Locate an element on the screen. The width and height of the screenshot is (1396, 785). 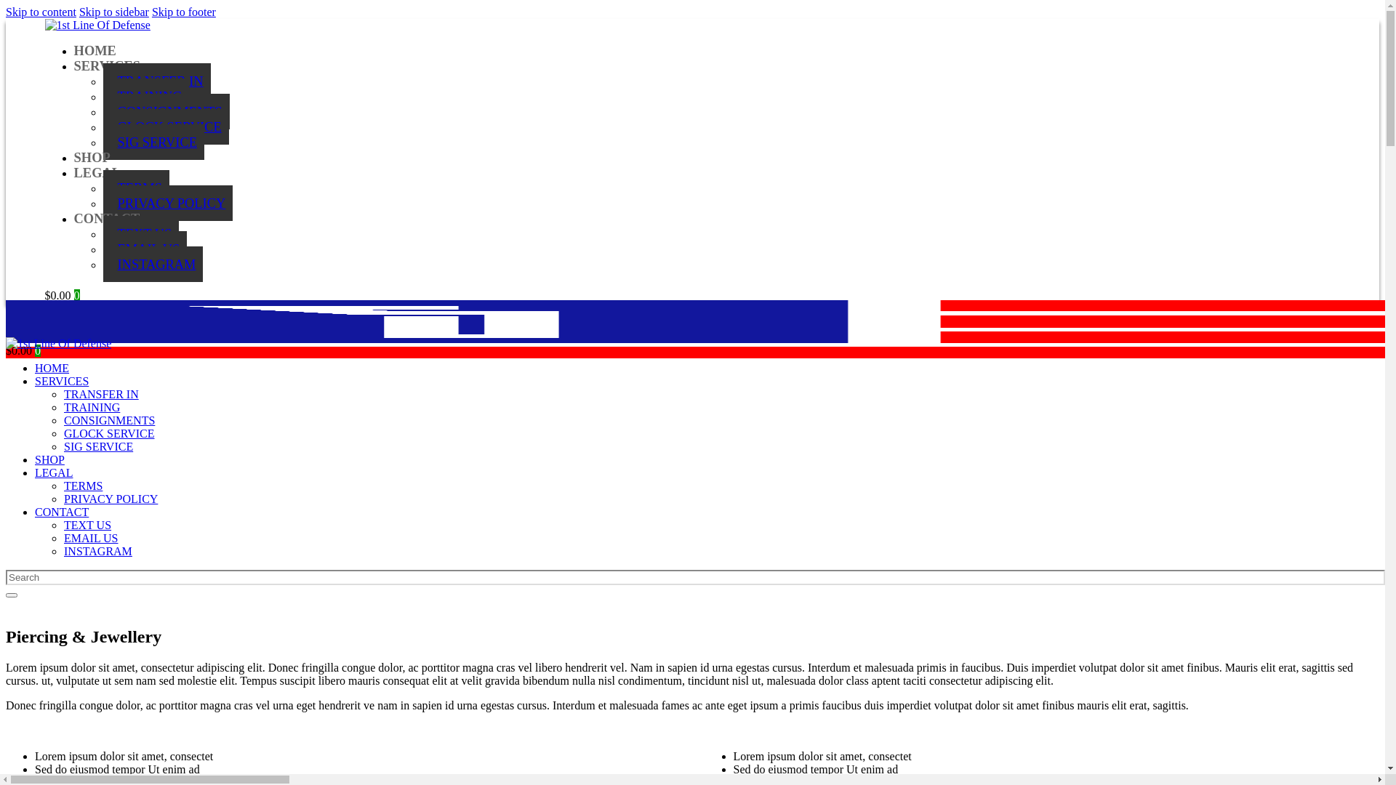
'Skip to footer' is located at coordinates (183, 12).